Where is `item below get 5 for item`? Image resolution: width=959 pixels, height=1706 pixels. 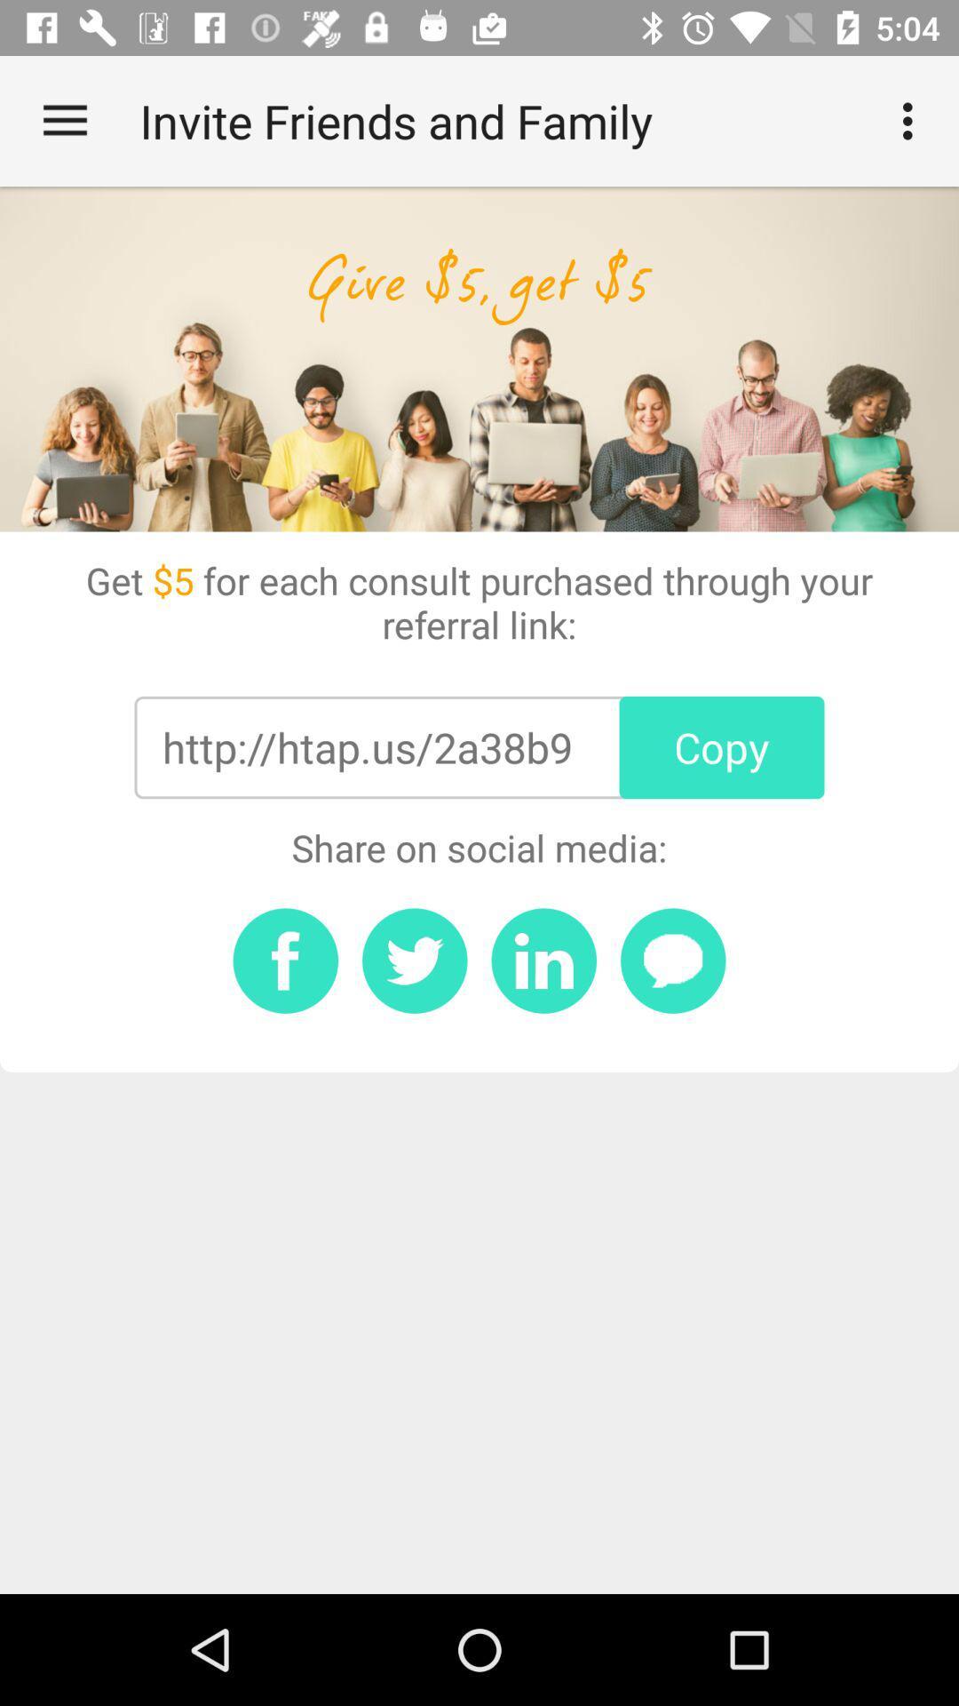
item below get 5 for item is located at coordinates (366, 747).